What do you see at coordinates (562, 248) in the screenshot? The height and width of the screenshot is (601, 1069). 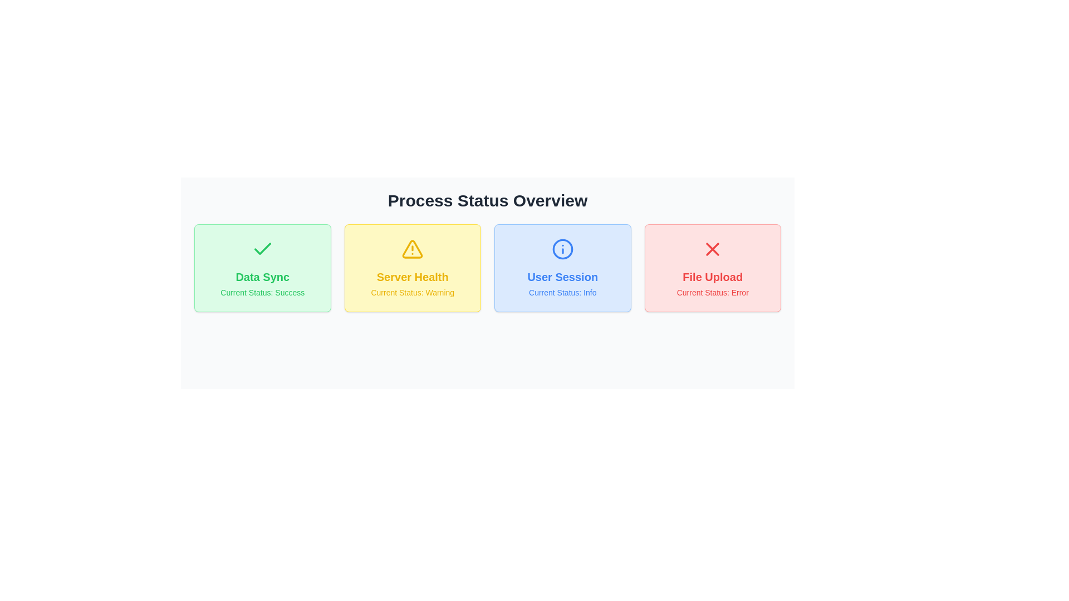 I see `the circular outline enclosing the 'i' icon within the 'User Session' card, which is labeled with 'User Session' and 'Current Status: Info'` at bounding box center [562, 248].